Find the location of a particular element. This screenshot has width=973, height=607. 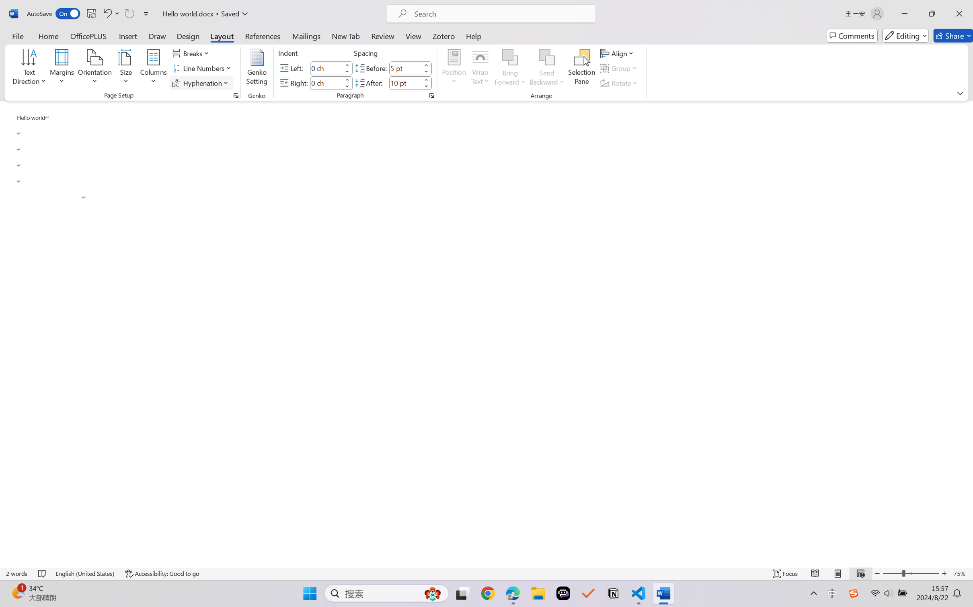

'Review' is located at coordinates (382, 35).